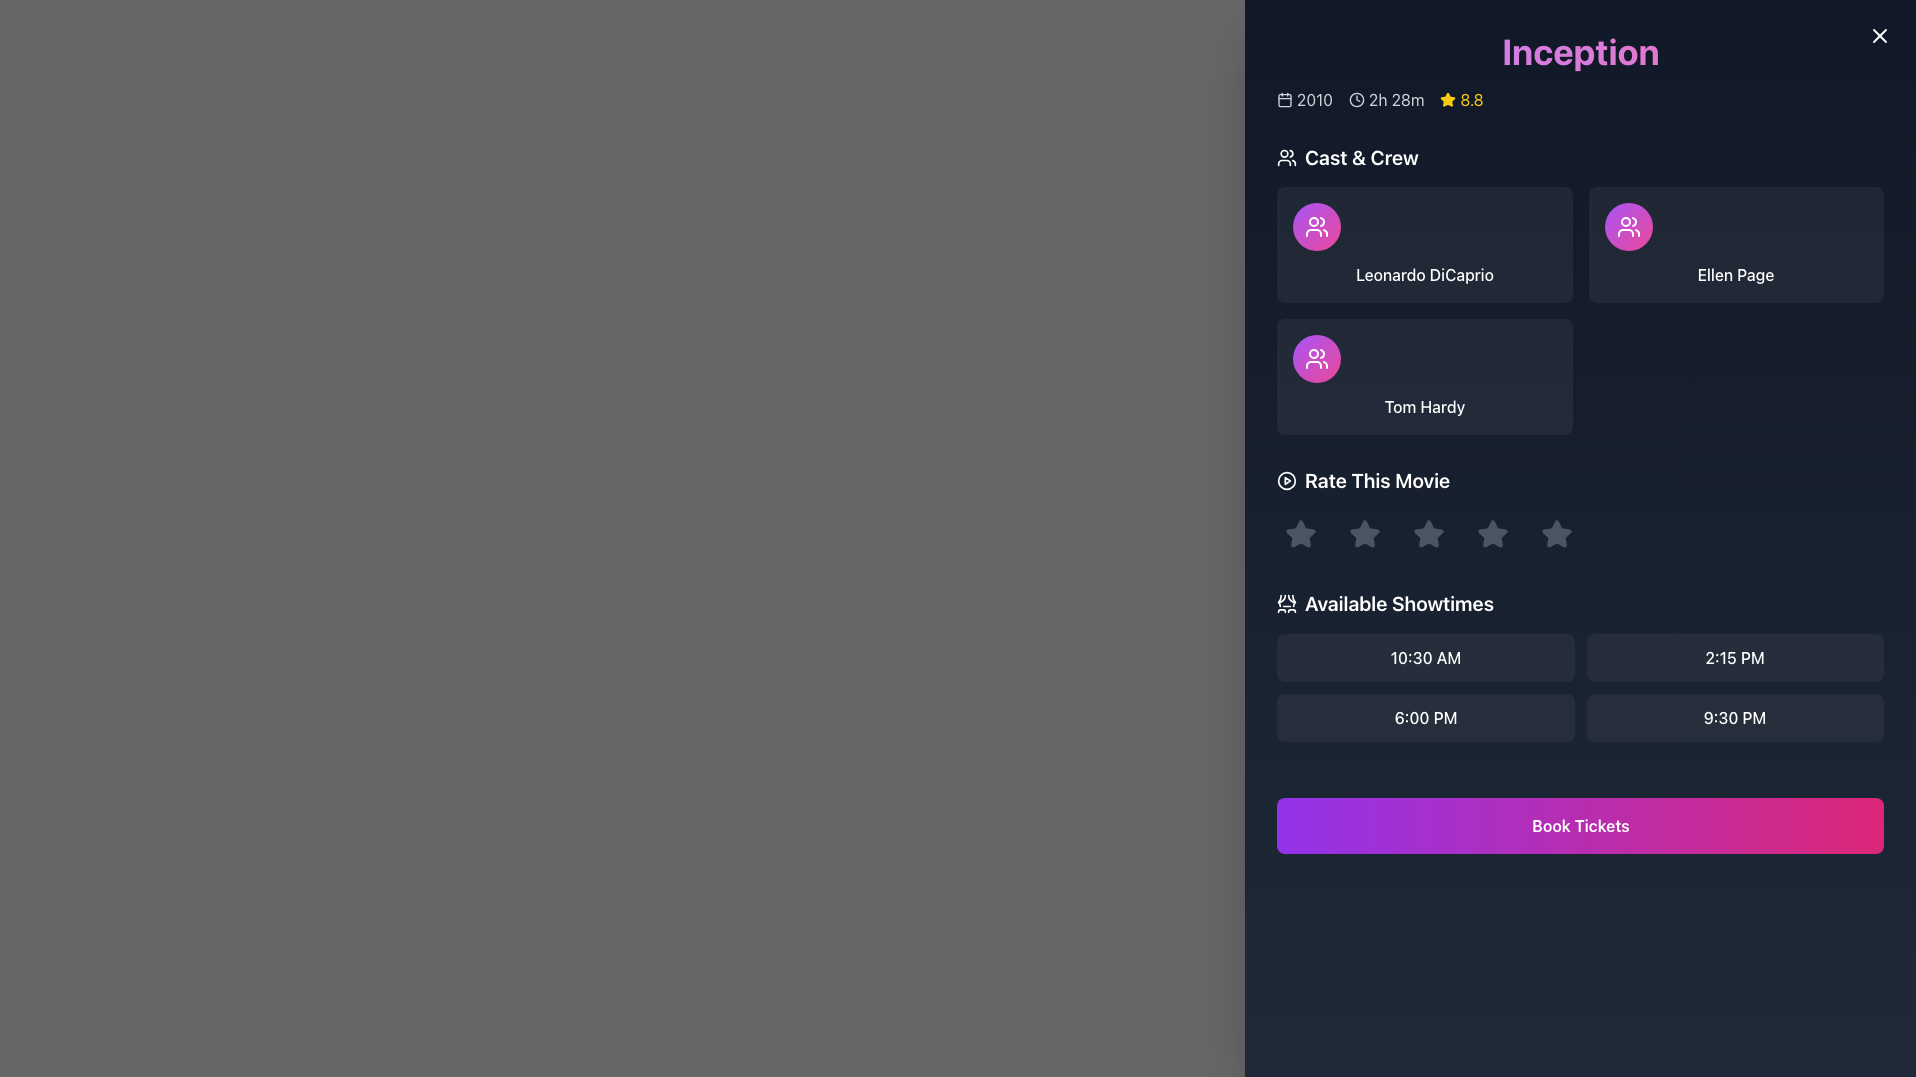  What do you see at coordinates (1317, 357) in the screenshot?
I see `the Avatar icon representing 'Tom Hardy' in the 'Cast & Crew' section` at bounding box center [1317, 357].